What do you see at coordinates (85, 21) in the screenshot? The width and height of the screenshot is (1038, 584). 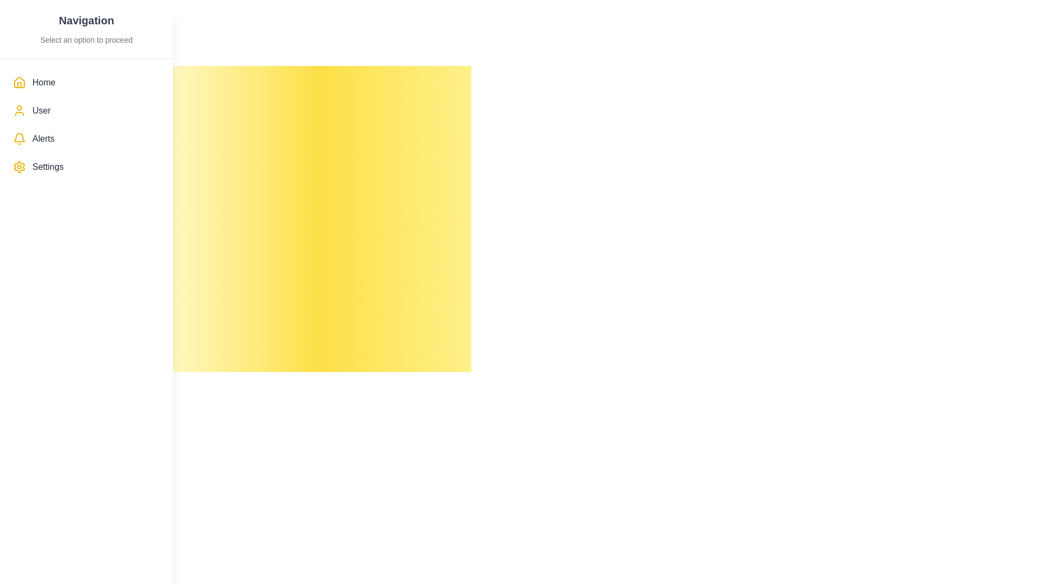 I see `the bold, large-sized 'Navigation' text label styled in dark gray, located at the top-left corner of the layout` at bounding box center [85, 21].